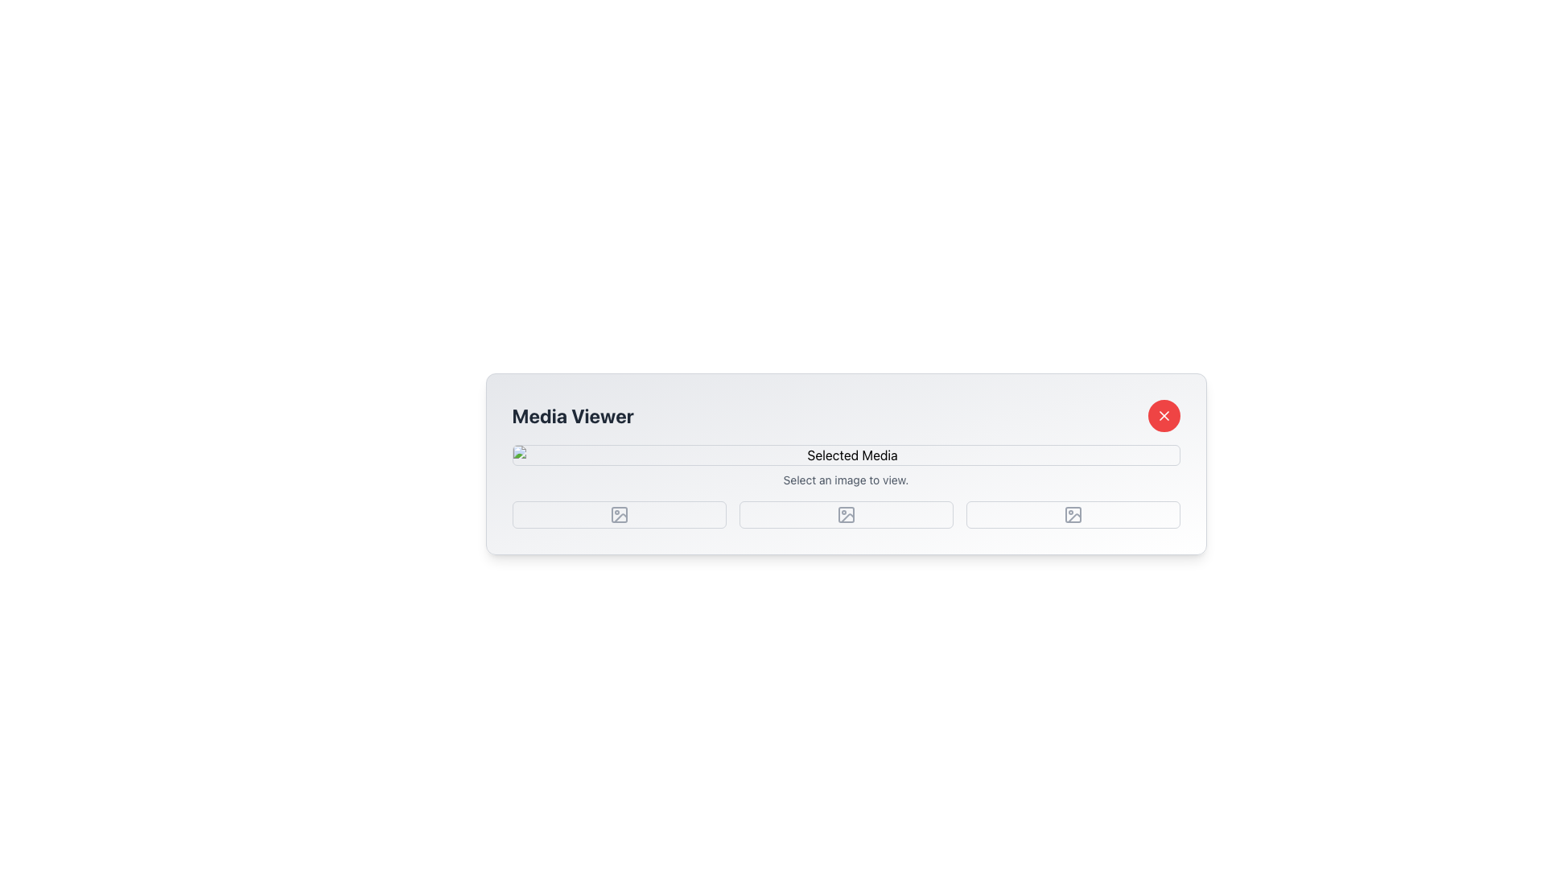 The height and width of the screenshot is (869, 1545). What do you see at coordinates (573, 414) in the screenshot?
I see `header text labeled 'Media Viewer', which serves as the title for the current section of the application` at bounding box center [573, 414].